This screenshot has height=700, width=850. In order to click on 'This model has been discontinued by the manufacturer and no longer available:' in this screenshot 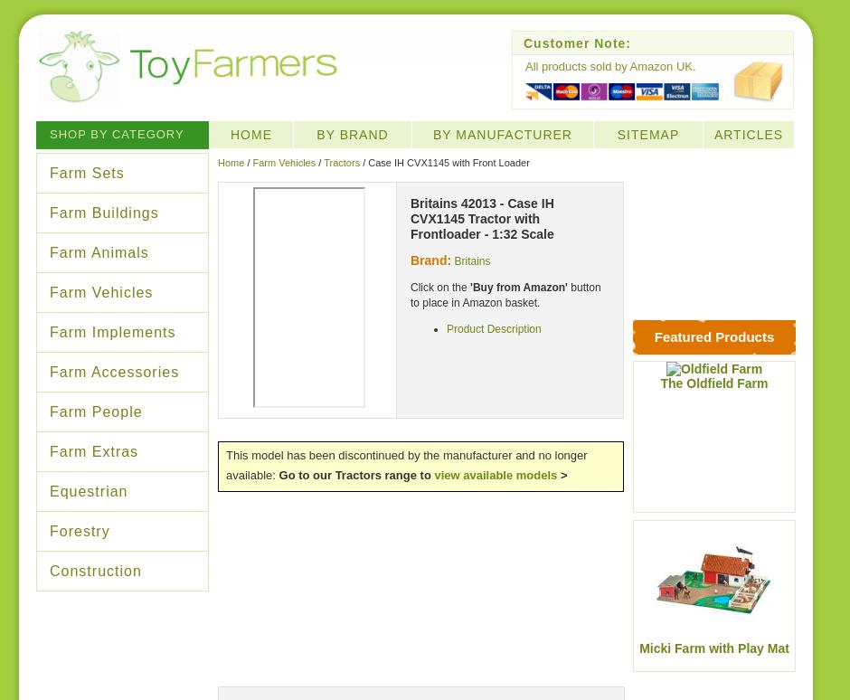, I will do `click(405, 464)`.